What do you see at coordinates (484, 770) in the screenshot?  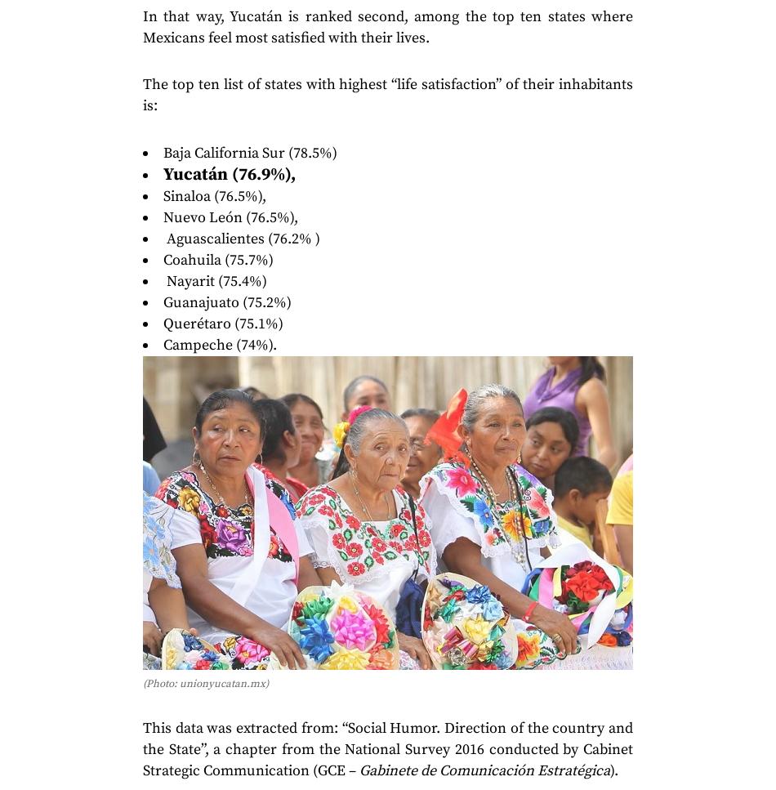 I see `'Gabinete de Comunicación Estratégica'` at bounding box center [484, 770].